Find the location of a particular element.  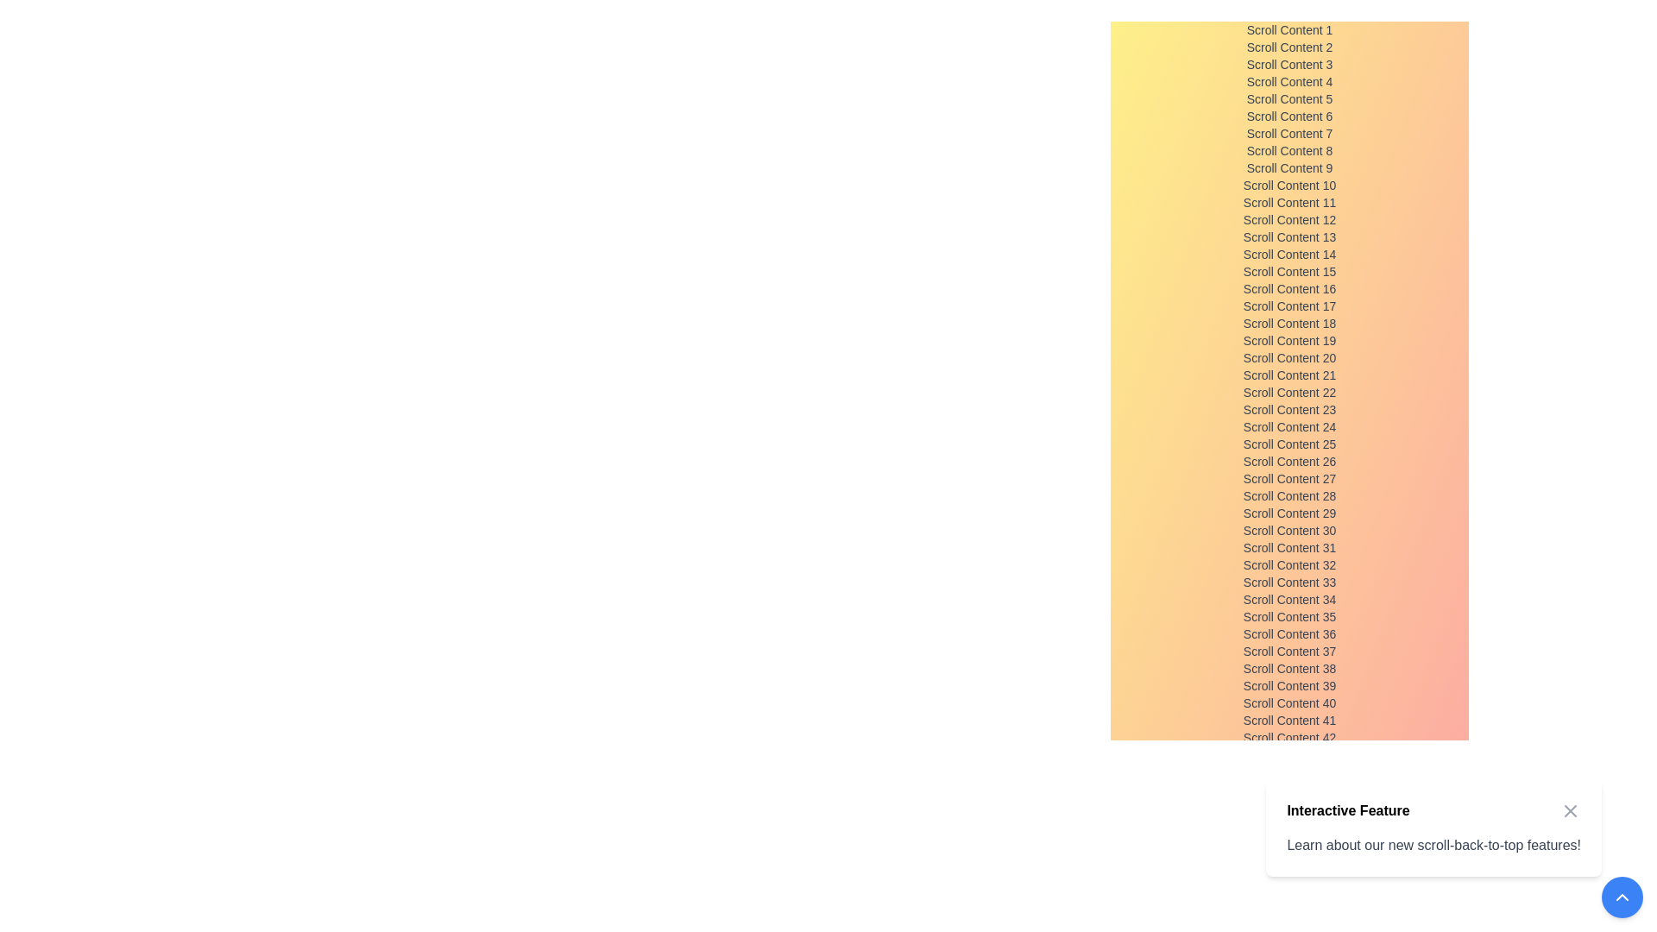

the text label that serves as an identifier for a specific item in a vertically stacked list, located at the 26th position in the list is located at coordinates (1289, 461).